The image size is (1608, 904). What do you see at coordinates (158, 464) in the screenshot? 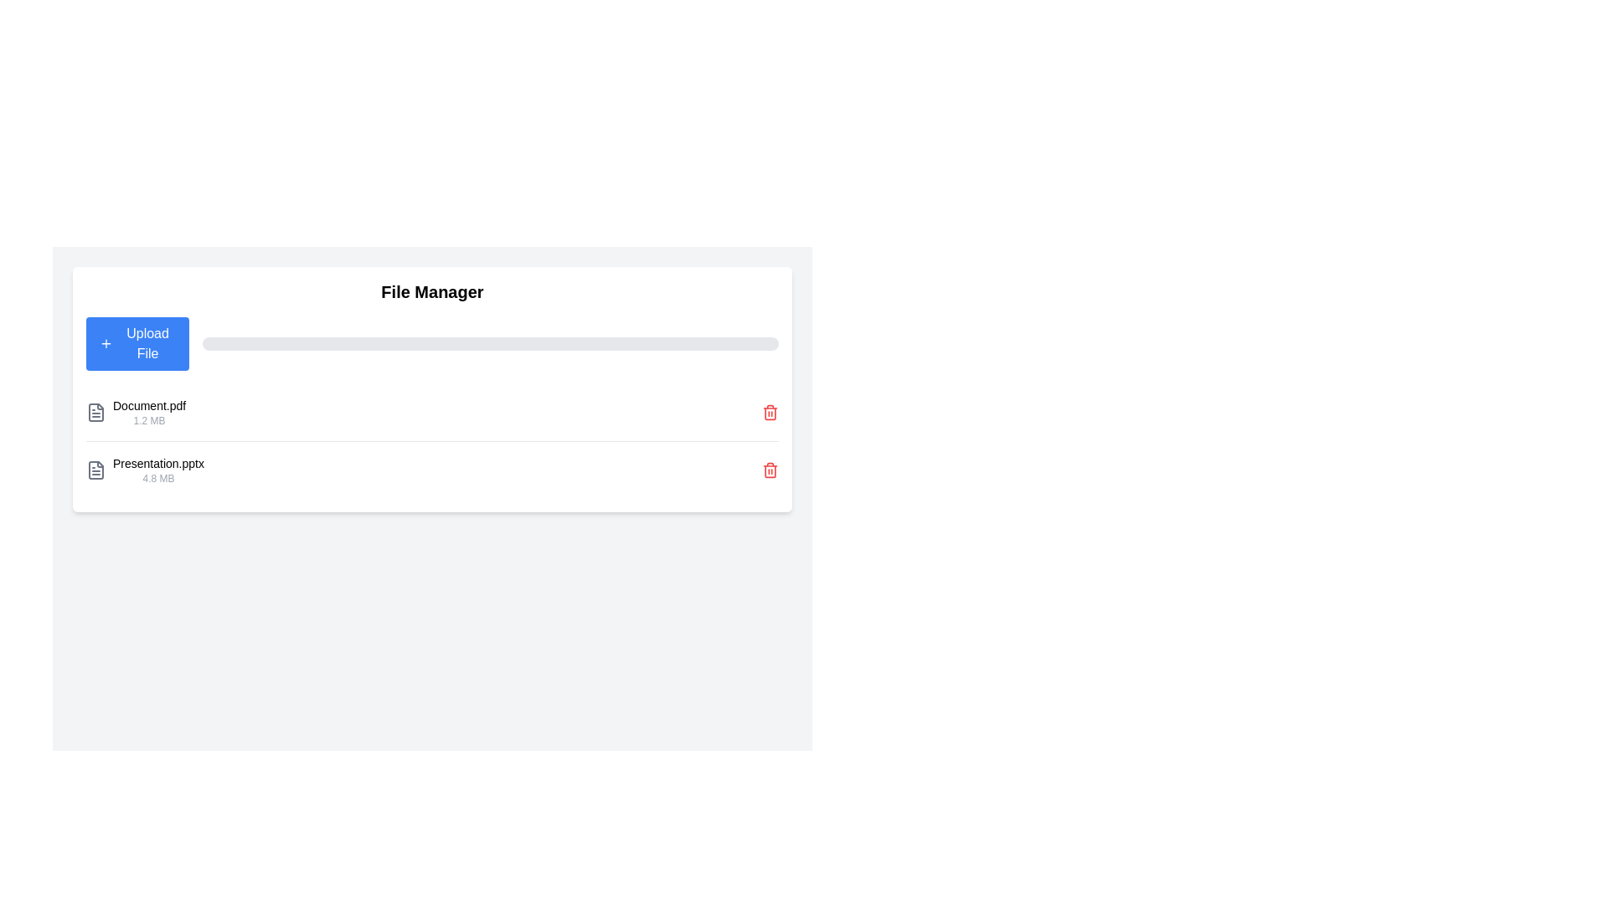
I see `the text label displaying 'Presentation.pptx' located` at bounding box center [158, 464].